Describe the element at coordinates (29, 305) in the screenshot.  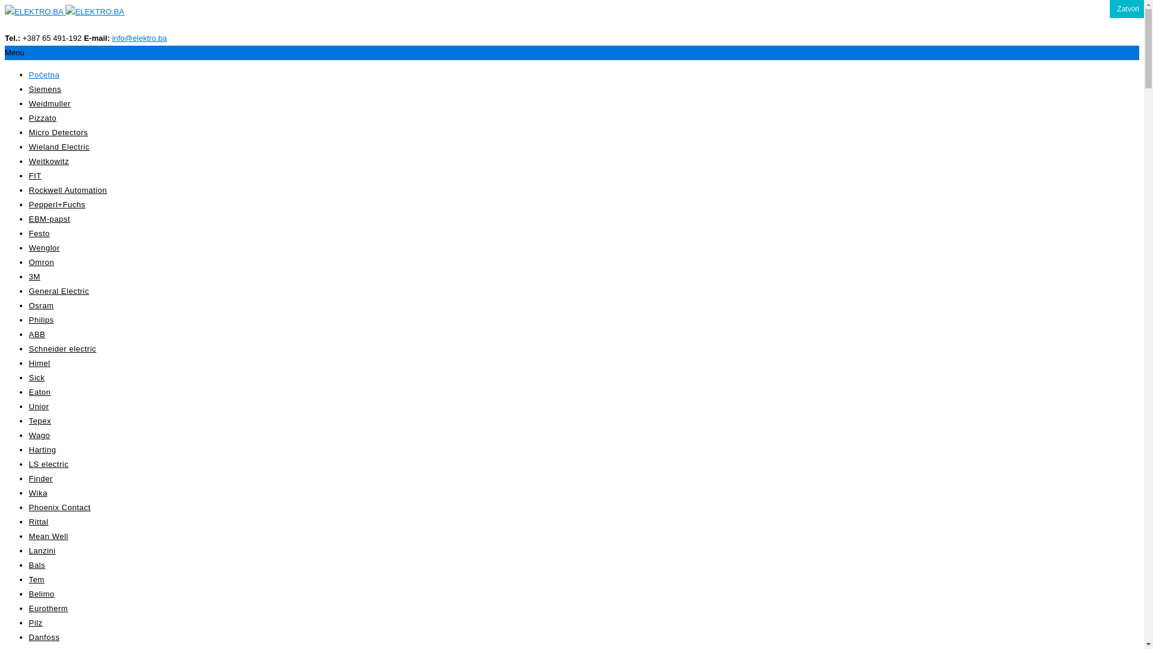
I see `'Osram'` at that location.